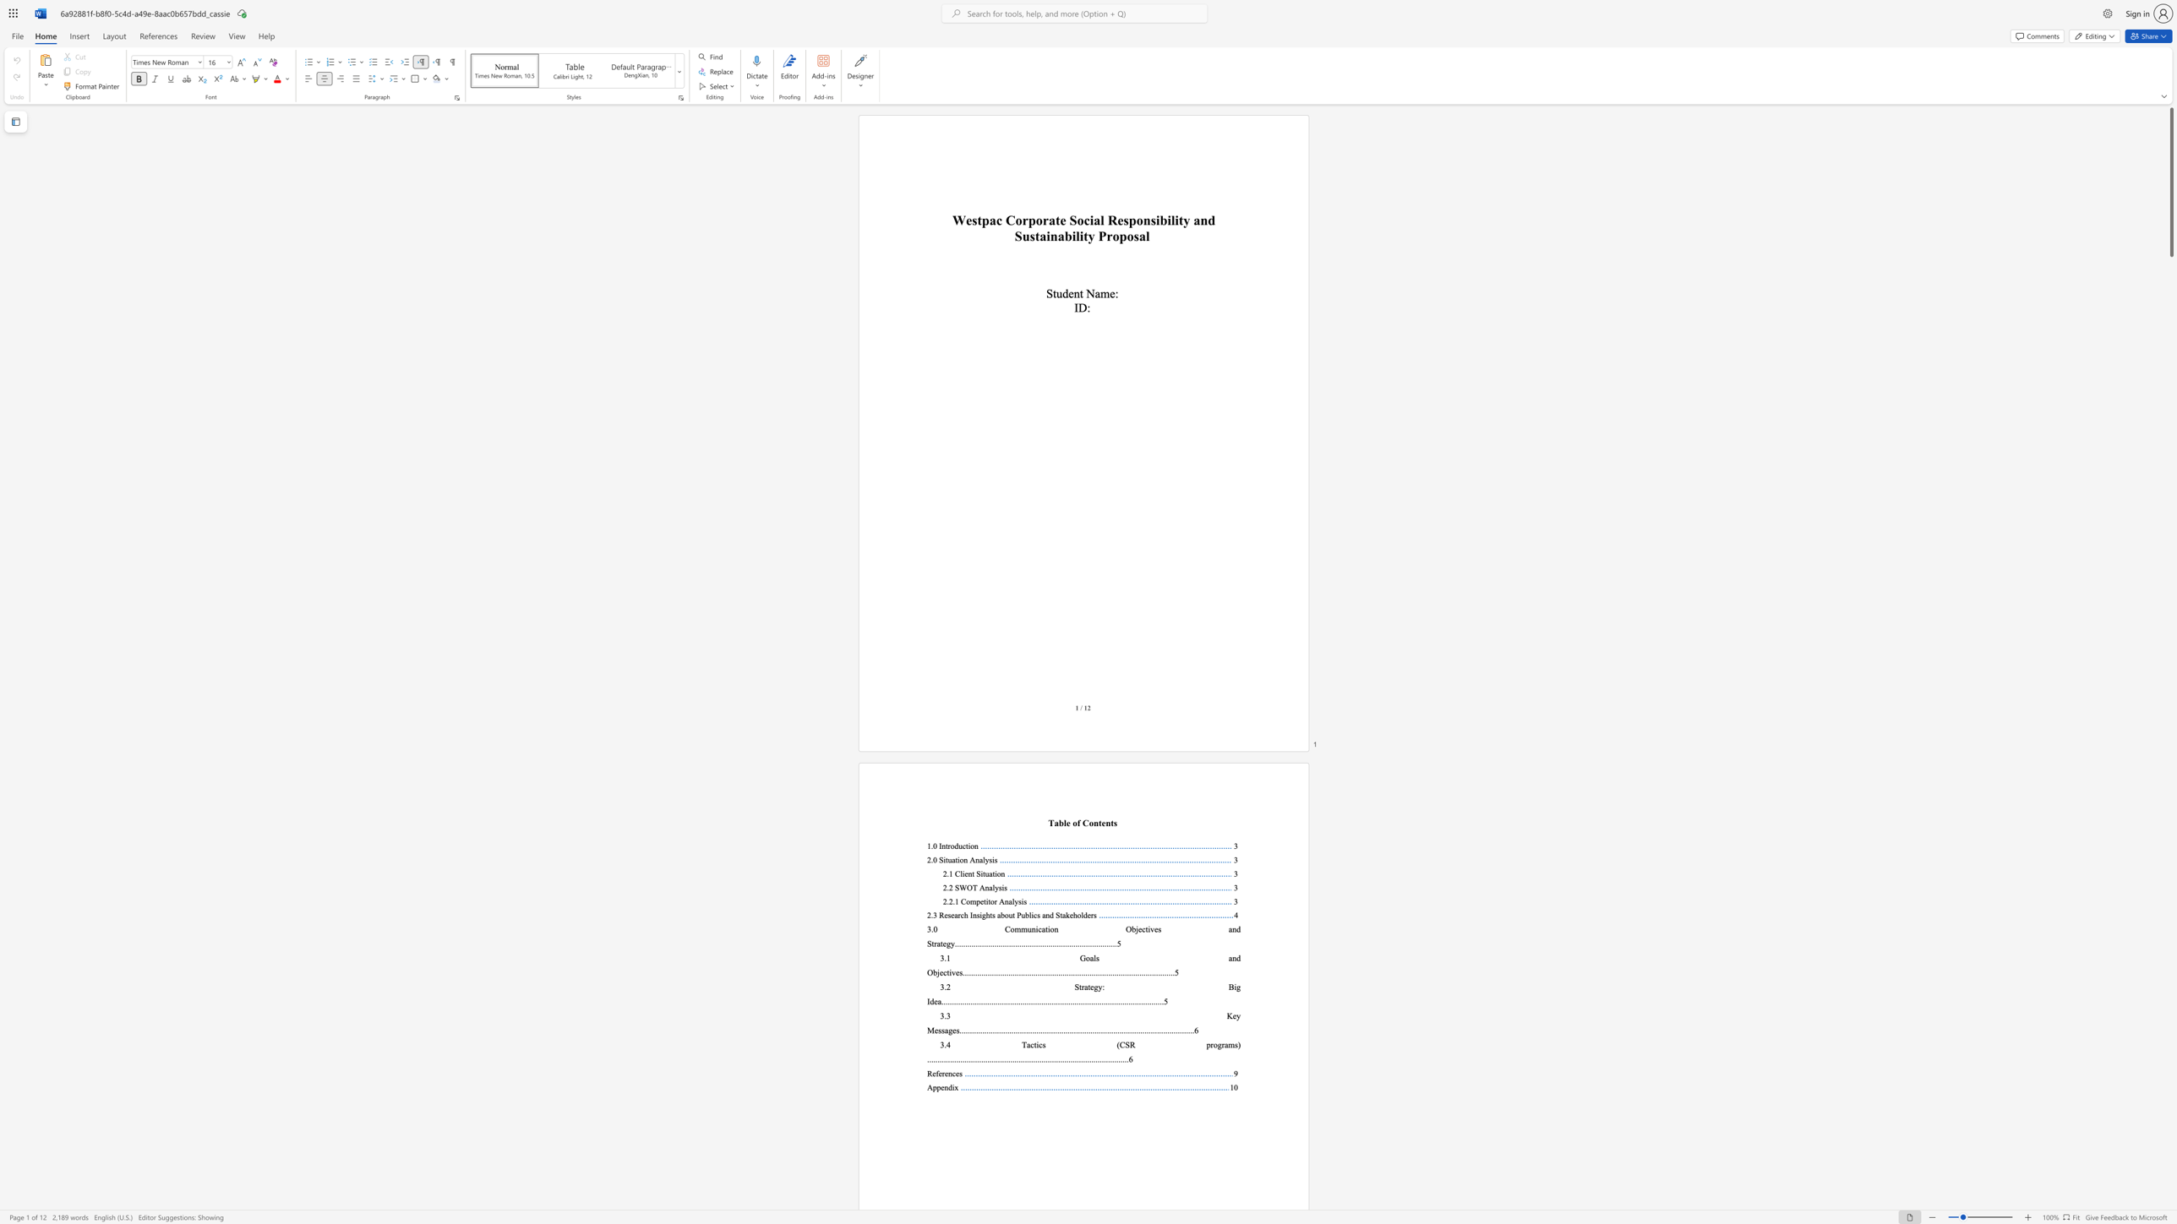  I want to click on the subset text "tr" within the text "1.0 Introduction", so click(946, 846).